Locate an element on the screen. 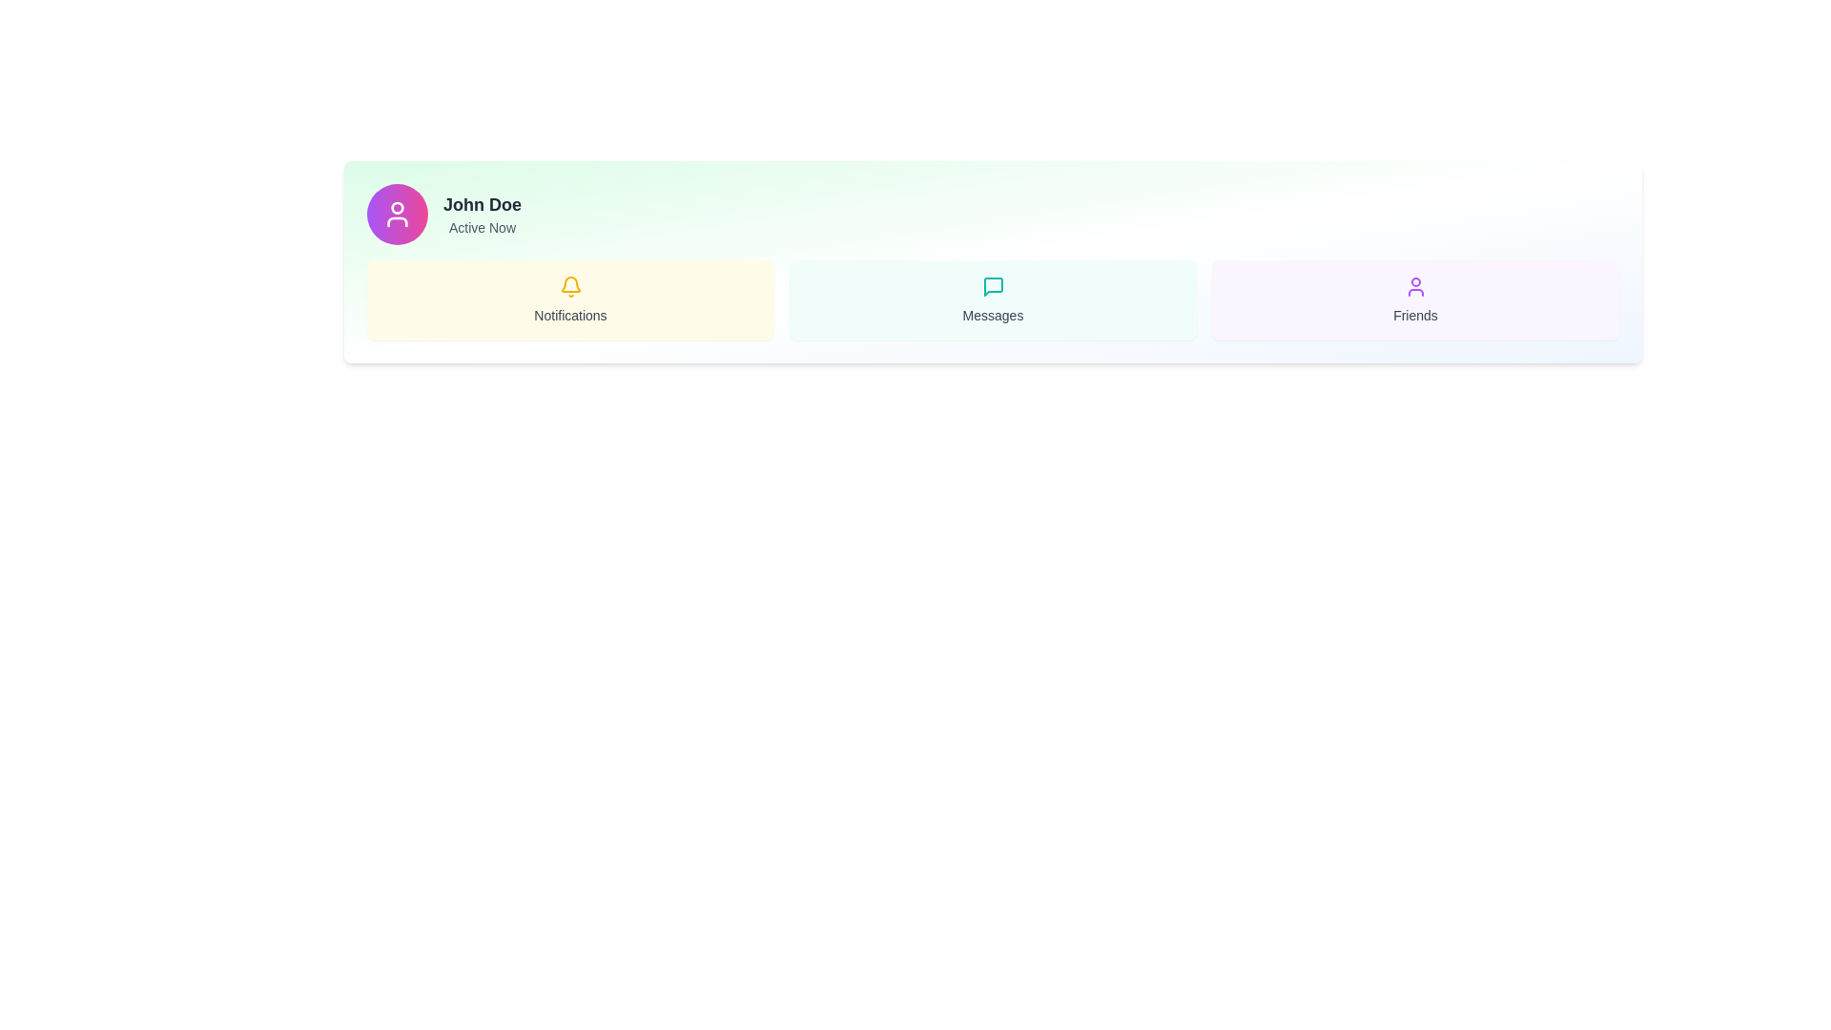  the message icon, which is a modern SVG speech bubble located in the 'Messages' section of the interface is located at coordinates (992, 286).